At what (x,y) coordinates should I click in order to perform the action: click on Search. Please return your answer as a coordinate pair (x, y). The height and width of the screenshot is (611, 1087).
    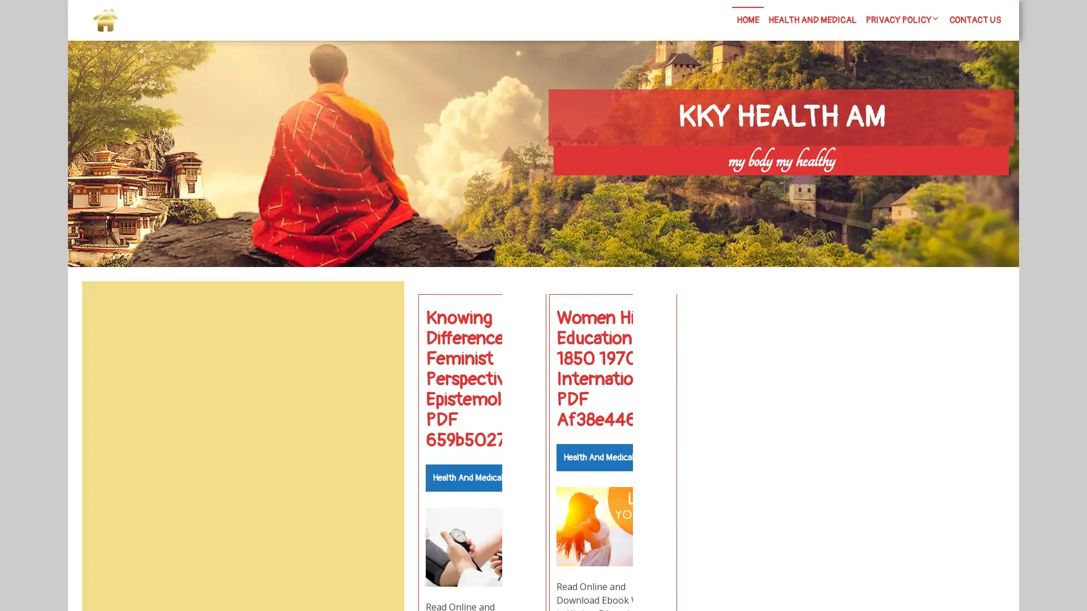
    Looking at the image, I should click on (881, 185).